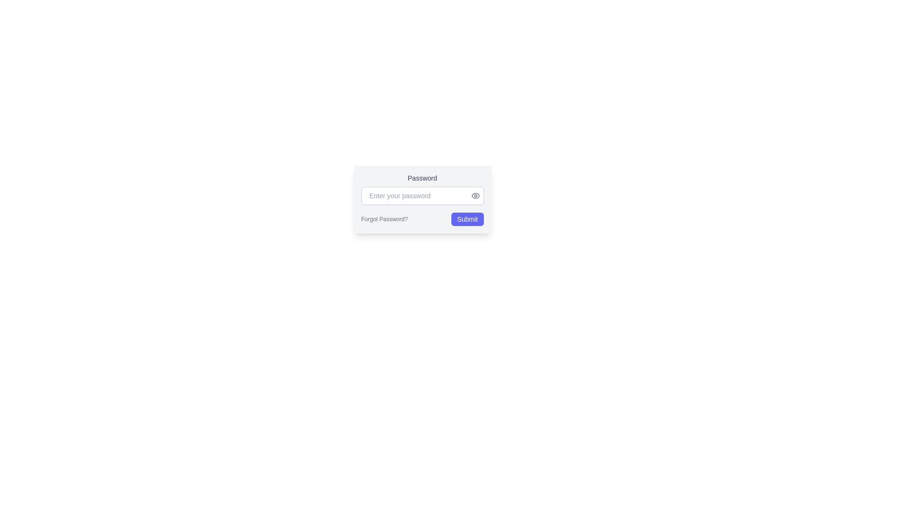  I want to click on the 'Password' text label, which is styled in medium gray and slightly bold, located above the password input field in a centered form, so click(422, 178).